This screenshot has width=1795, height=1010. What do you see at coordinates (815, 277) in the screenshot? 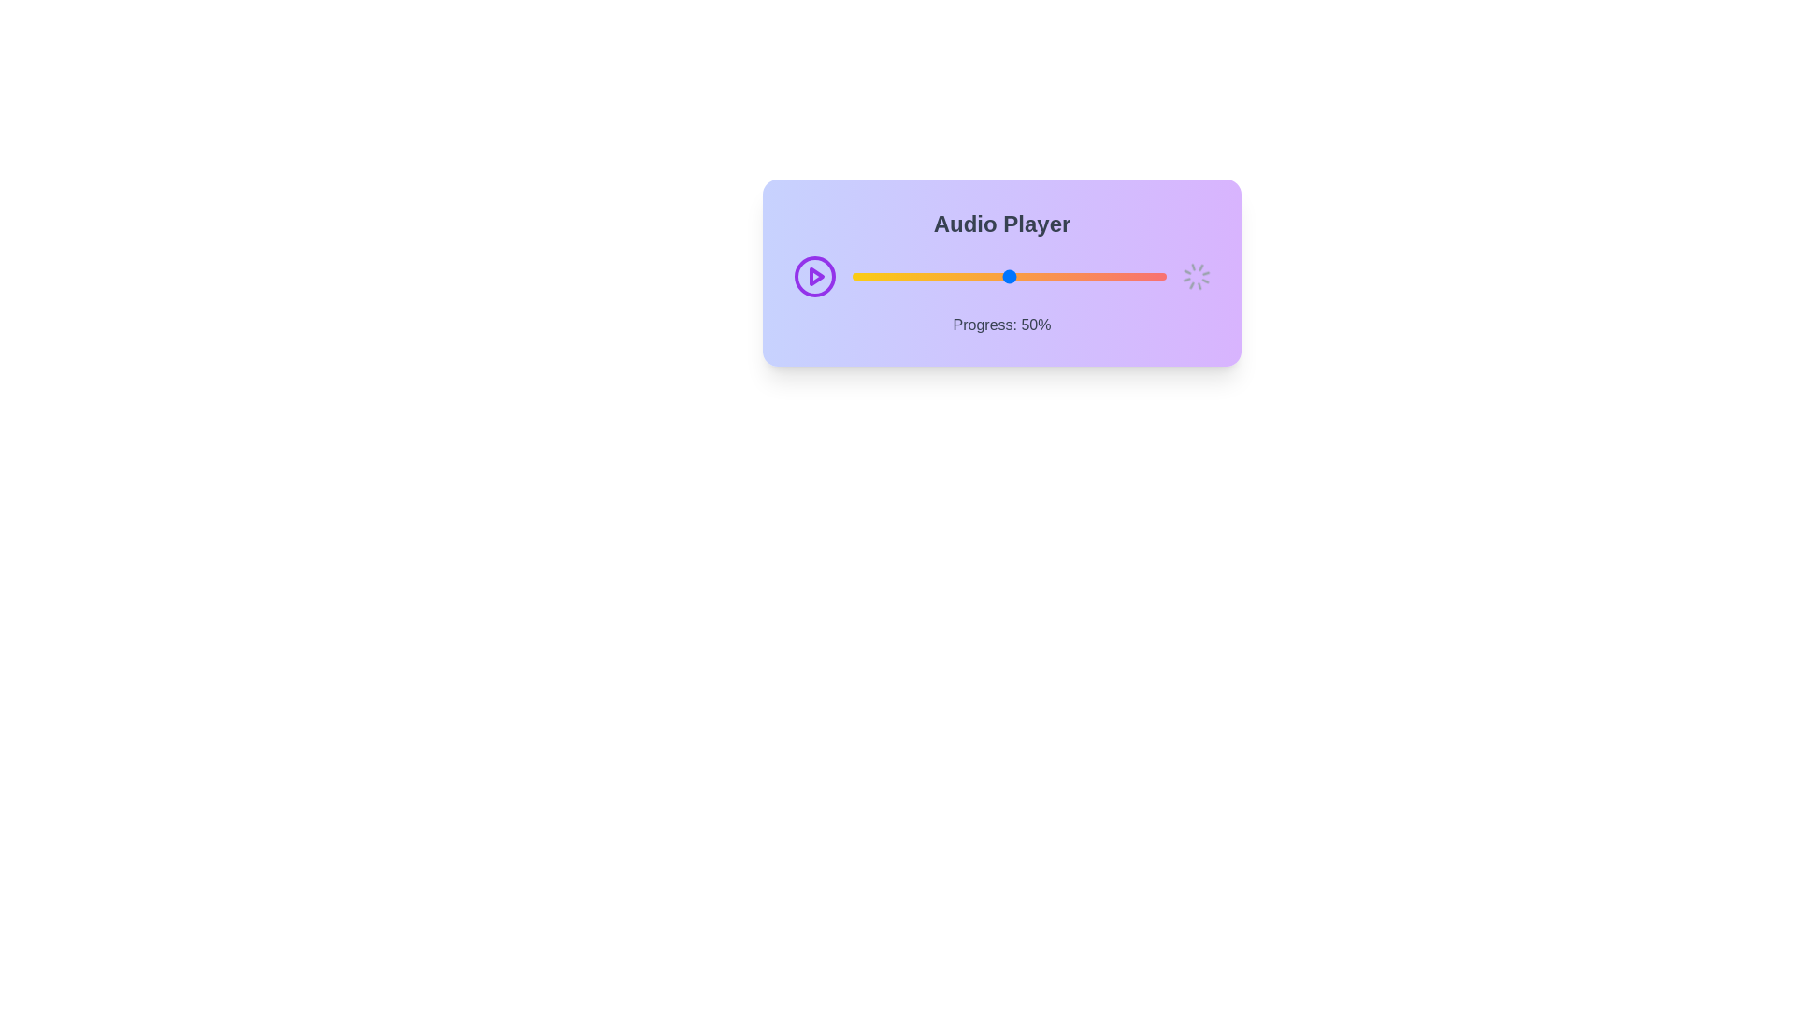
I see `the play/pause button to toggle audio playback` at bounding box center [815, 277].